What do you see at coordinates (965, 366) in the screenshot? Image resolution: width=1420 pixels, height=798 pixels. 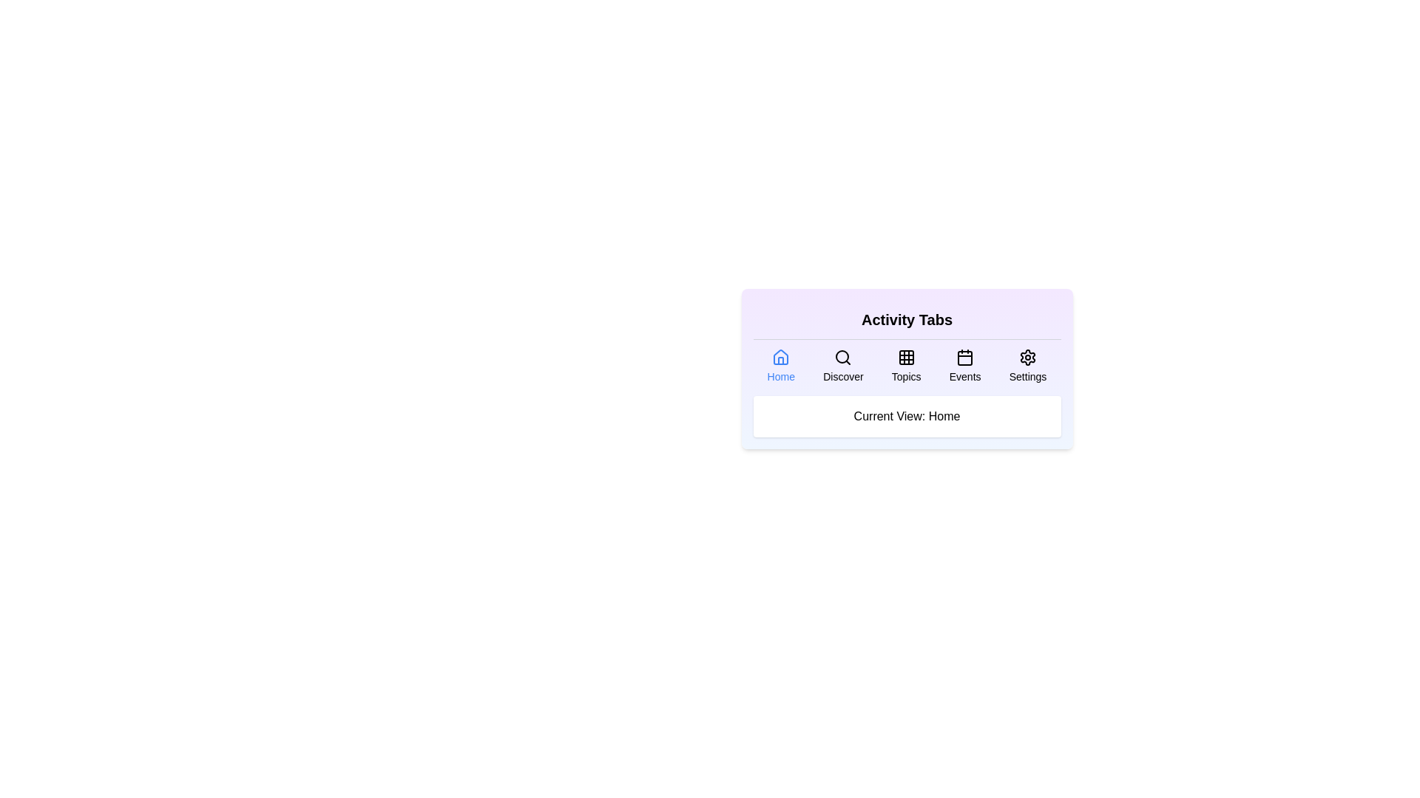 I see `the tab icon corresponding to Events` at bounding box center [965, 366].